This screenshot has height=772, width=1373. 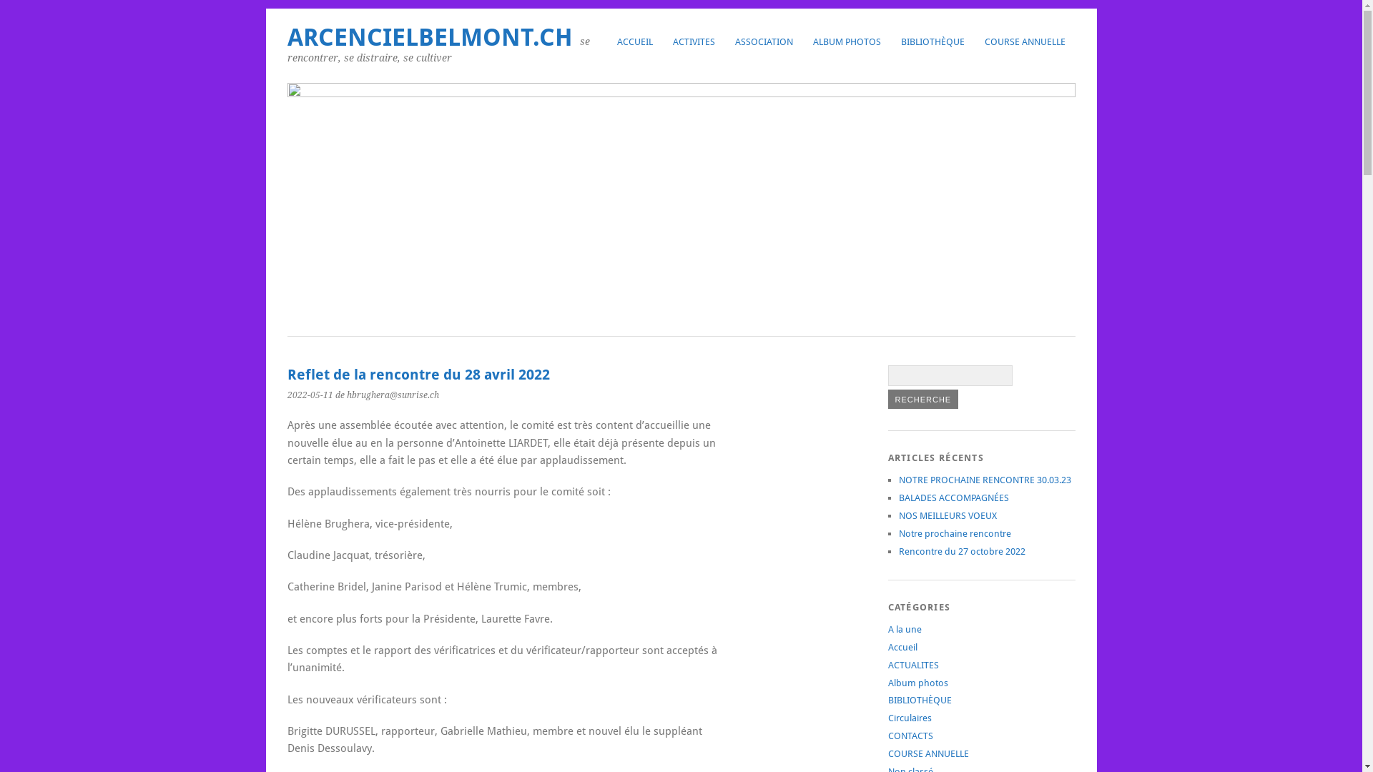 What do you see at coordinates (912, 665) in the screenshot?
I see `'ACTUALITES'` at bounding box center [912, 665].